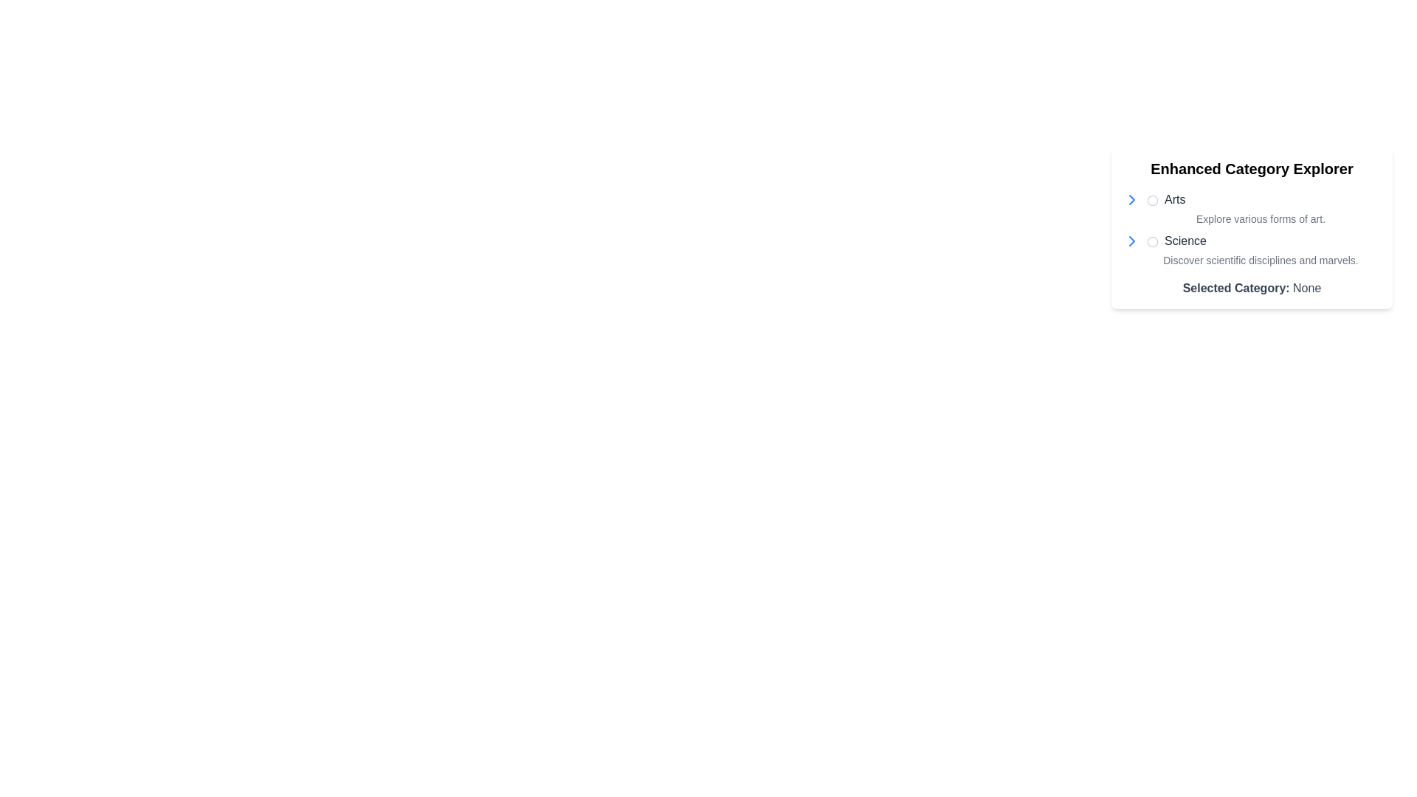 The image size is (1417, 797). I want to click on the text label displaying 'Discover scientific disciplines and marvels.', so click(1260, 260).